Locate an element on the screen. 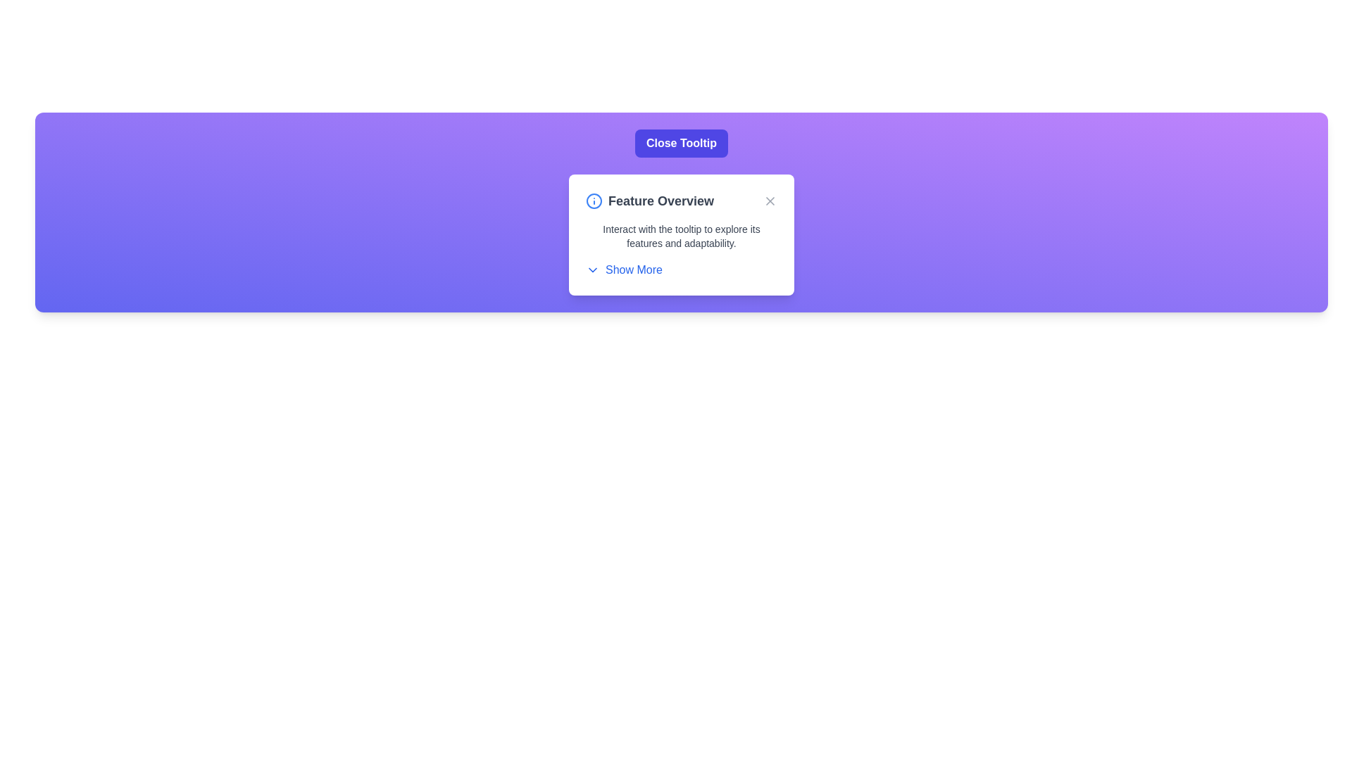 The width and height of the screenshot is (1352, 760). the close button located in the top-right corner of the white popup card, adjacent to the 'Feature Overview' title is located at coordinates (770, 201).